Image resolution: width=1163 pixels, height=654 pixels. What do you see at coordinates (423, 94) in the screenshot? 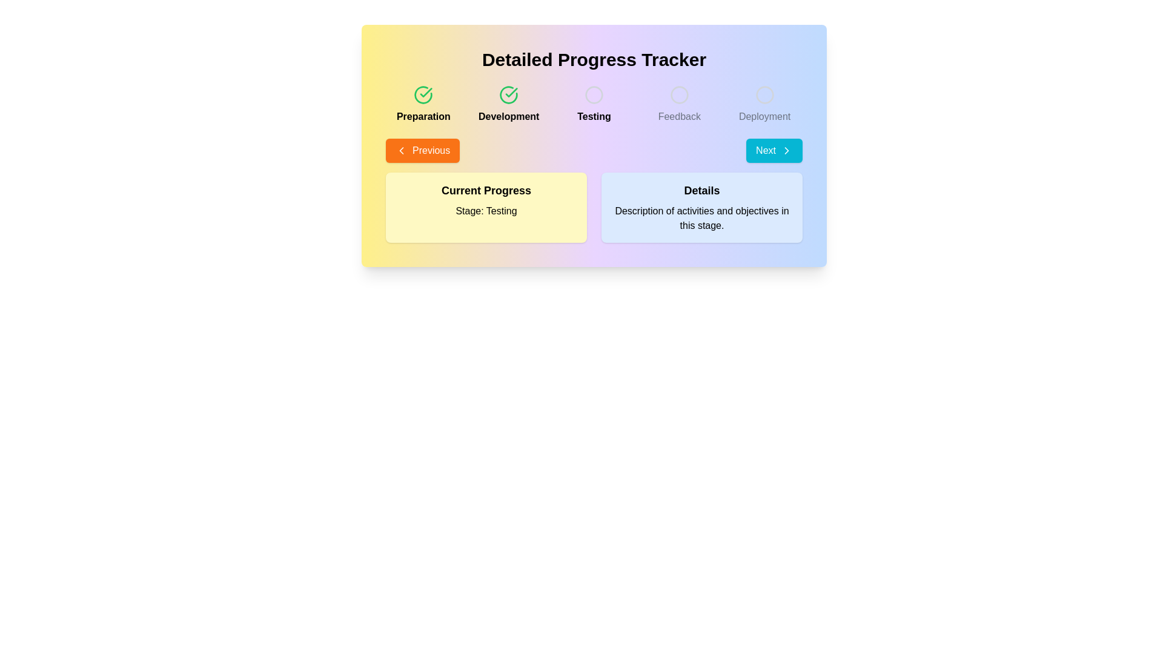
I see `the green circular checkmark icon located at the top-left corner of the 'Detailed Progress Tracker' interface, above the 'Preparation' label, to interact with it` at bounding box center [423, 94].